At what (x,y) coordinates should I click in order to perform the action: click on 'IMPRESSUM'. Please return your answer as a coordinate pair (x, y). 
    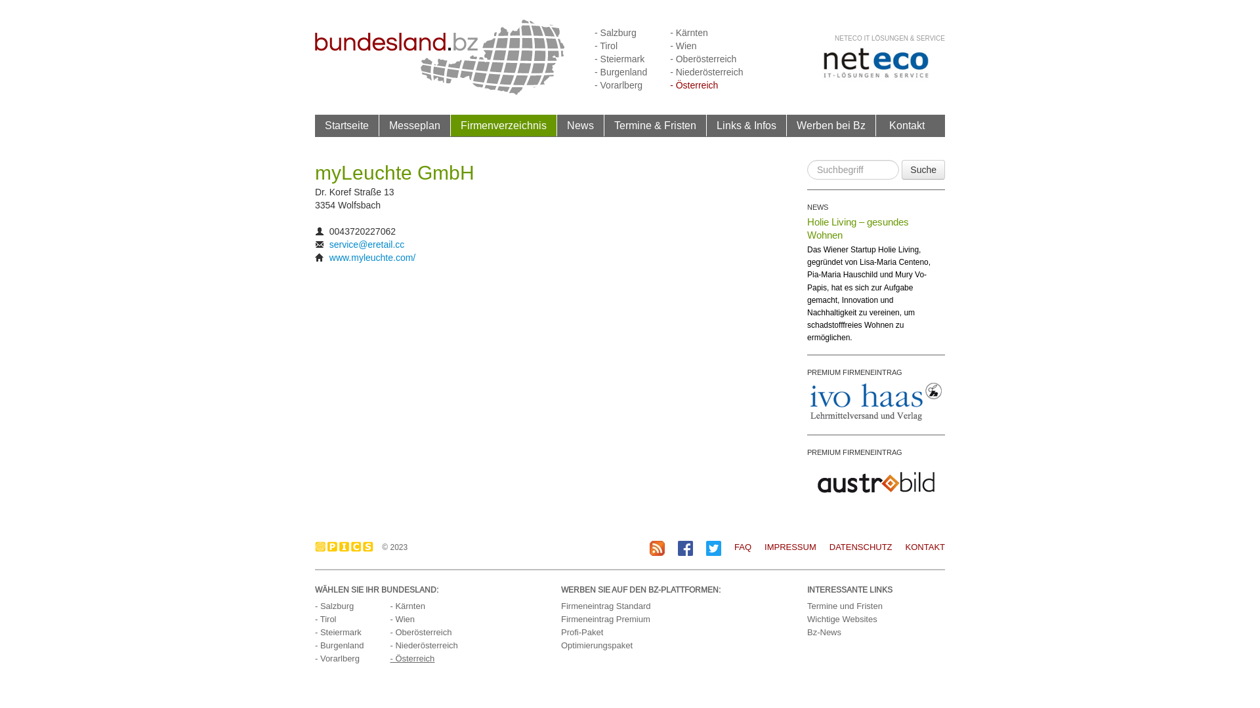
    Looking at the image, I should click on (789, 546).